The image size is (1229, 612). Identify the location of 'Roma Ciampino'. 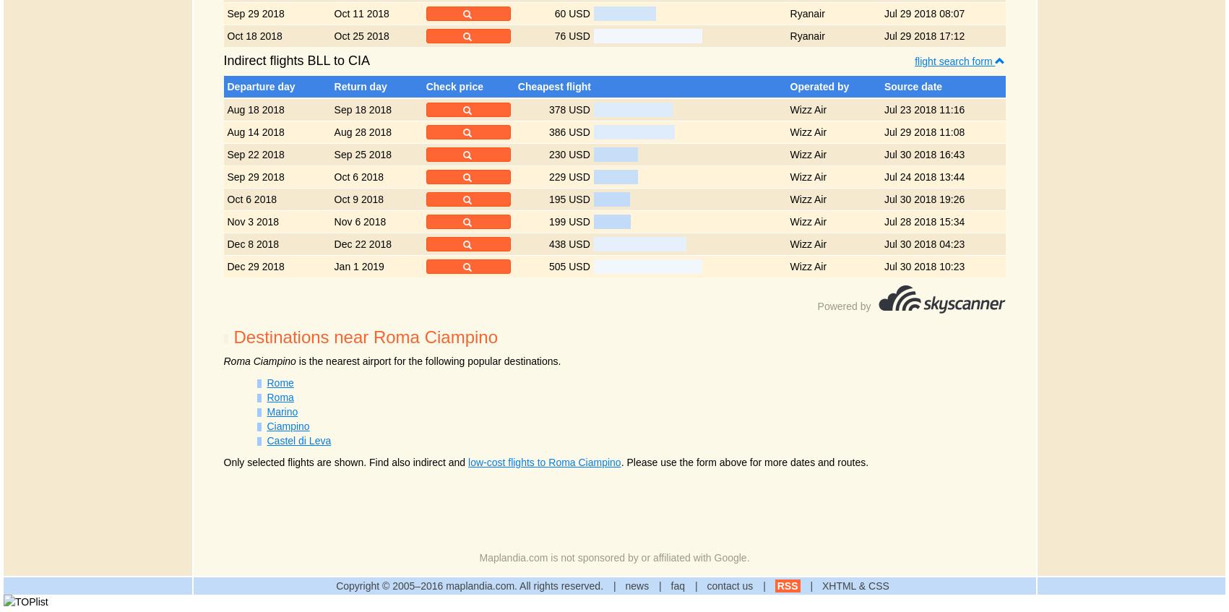
(259, 360).